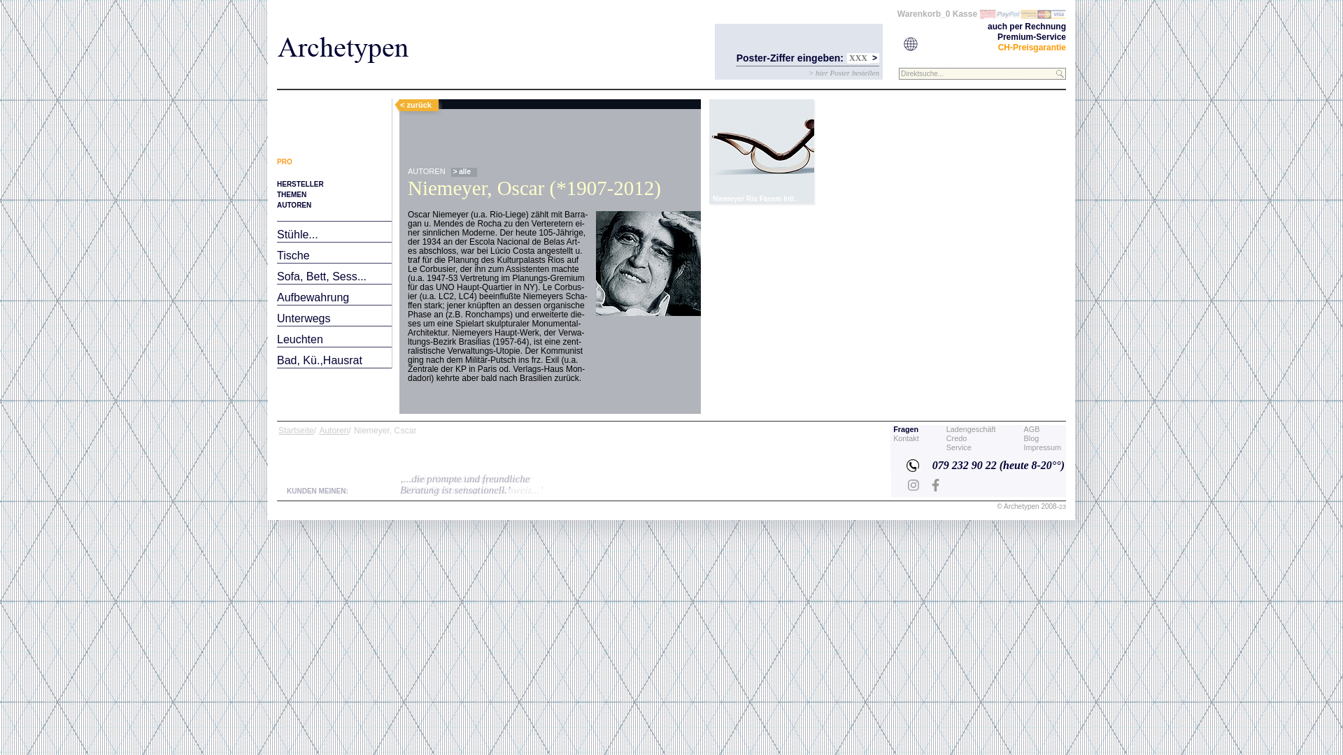 The height and width of the screenshot is (755, 1343). What do you see at coordinates (1027, 27) in the screenshot?
I see `'auch per Rechnung'` at bounding box center [1027, 27].